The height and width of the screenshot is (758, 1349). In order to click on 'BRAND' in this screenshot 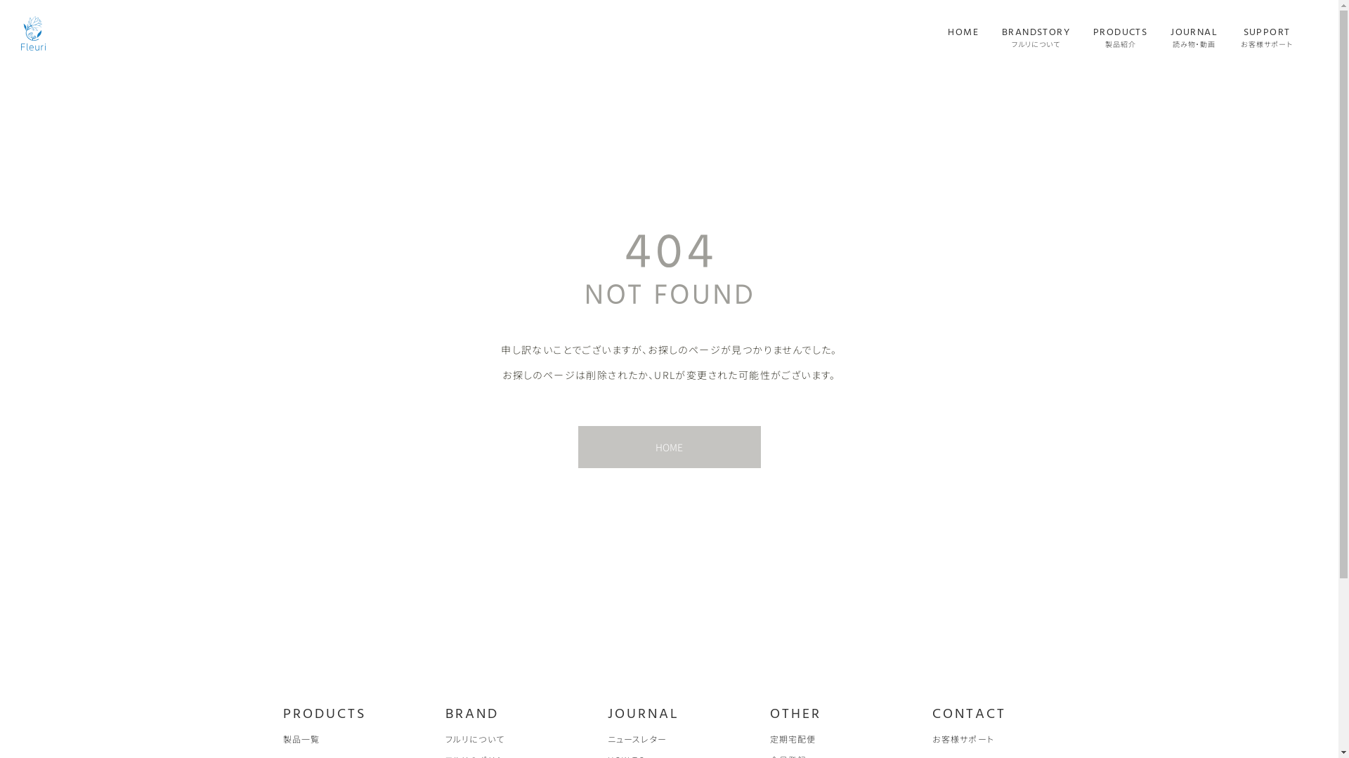, I will do `click(472, 714)`.